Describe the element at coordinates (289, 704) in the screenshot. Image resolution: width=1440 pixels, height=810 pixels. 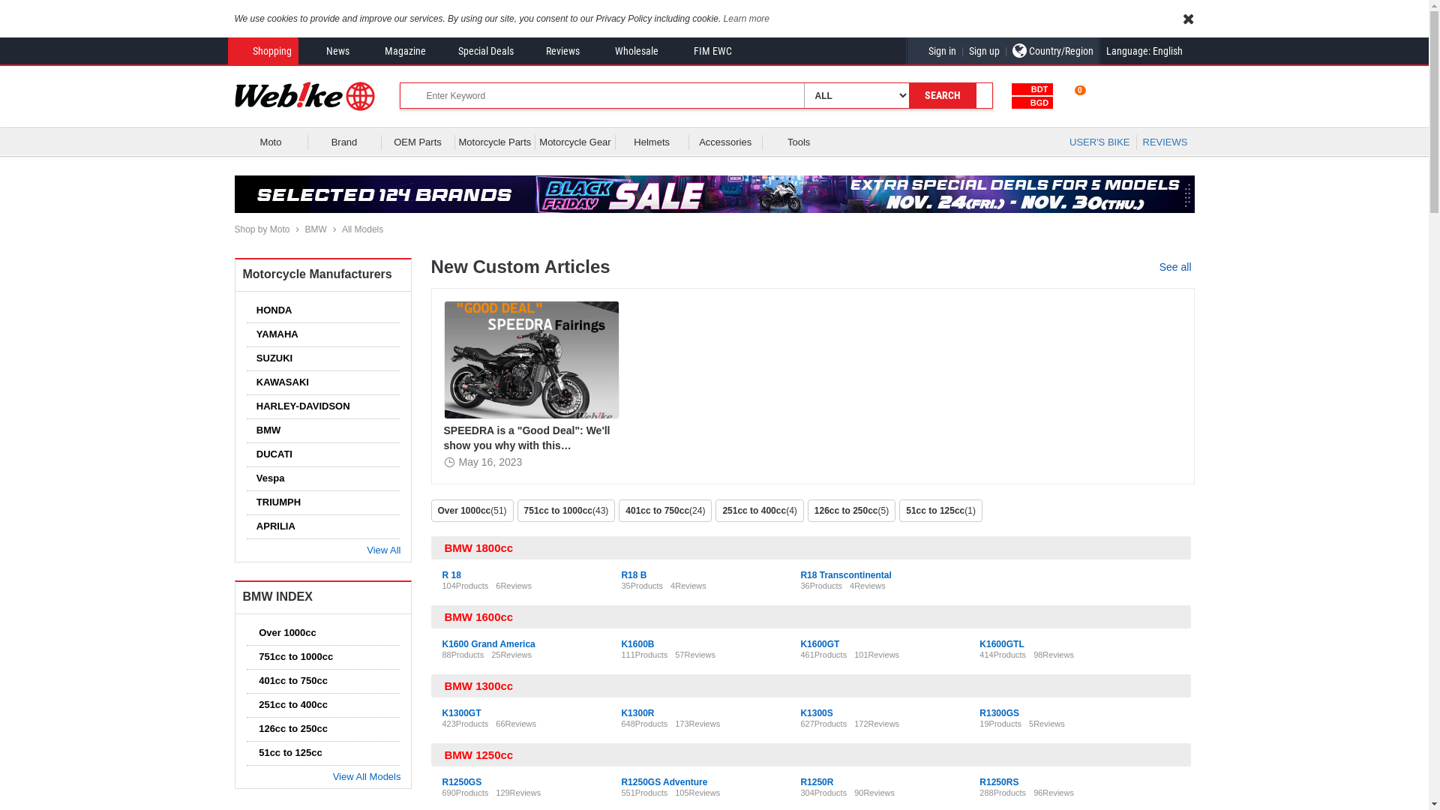
I see `'251cc to 400cc'` at that location.